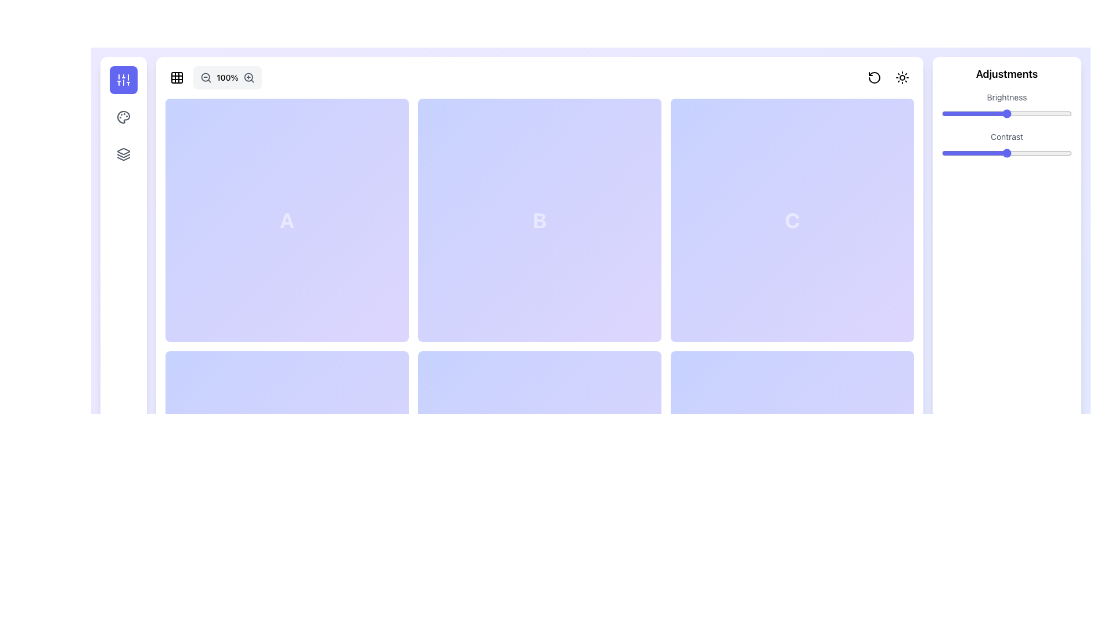  I want to click on the text label displaying '100%' in a bold sans-serif font located in the top-center toolbar, positioned between zoom controls, so click(227, 78).